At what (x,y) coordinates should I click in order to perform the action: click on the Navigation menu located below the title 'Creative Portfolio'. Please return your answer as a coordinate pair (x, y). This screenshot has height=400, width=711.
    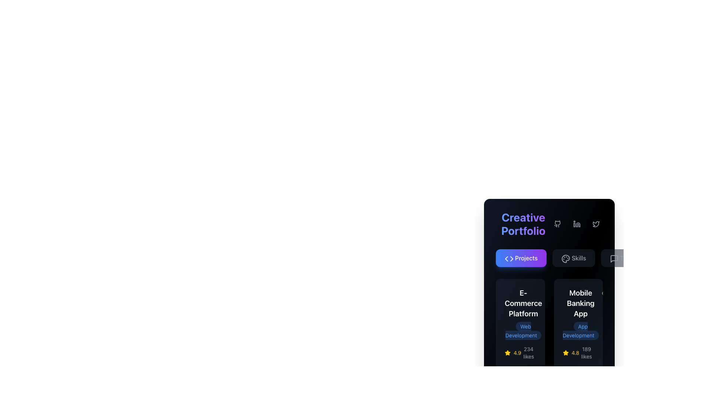
    Looking at the image, I should click on (549, 258).